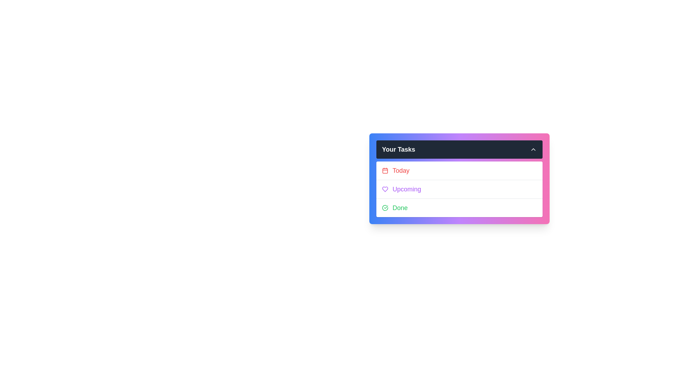 The width and height of the screenshot is (676, 380). I want to click on the menu item labeled Today to observe the color change, so click(459, 171).